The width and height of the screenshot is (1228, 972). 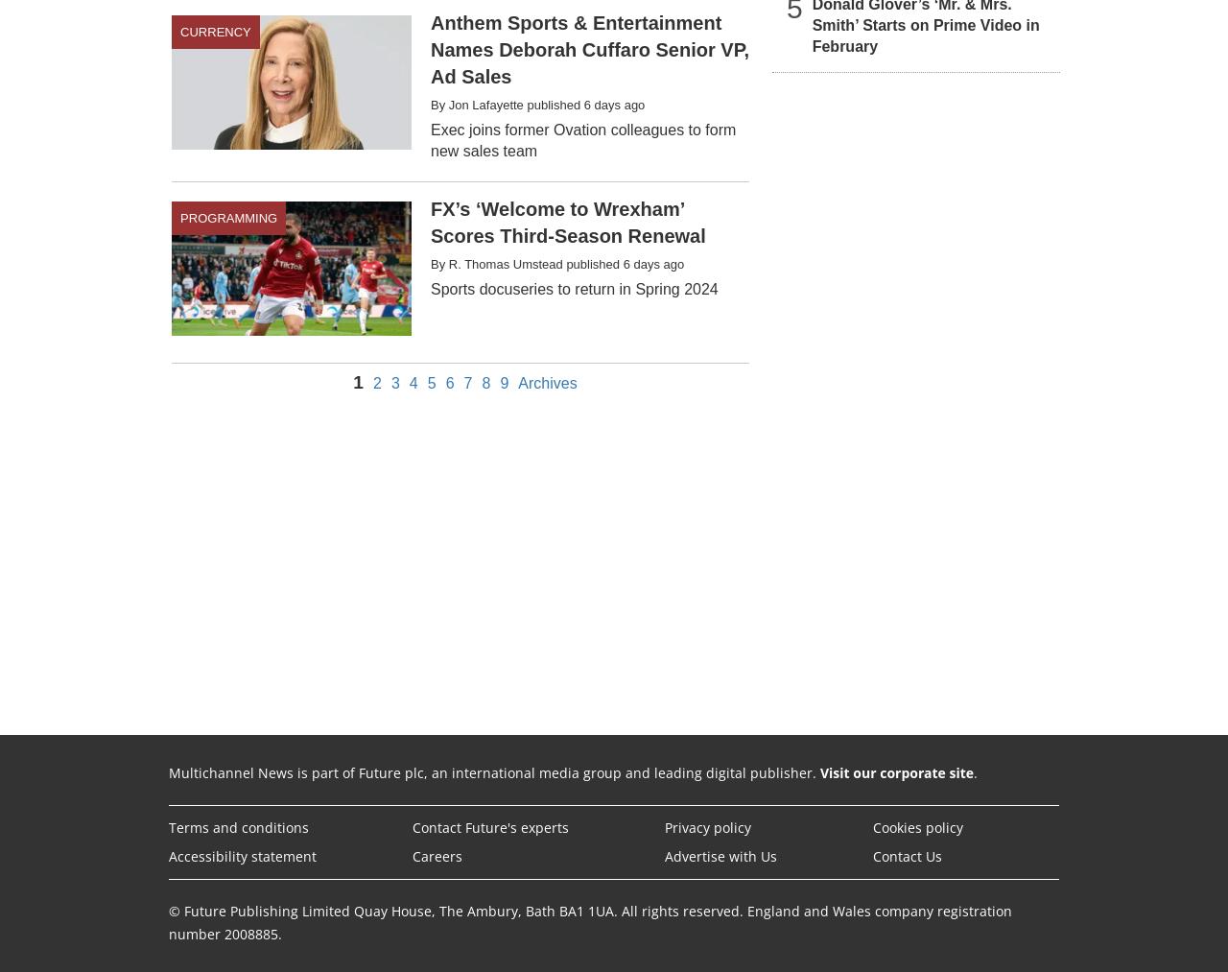 I want to click on 'Terms and conditions', so click(x=237, y=825).